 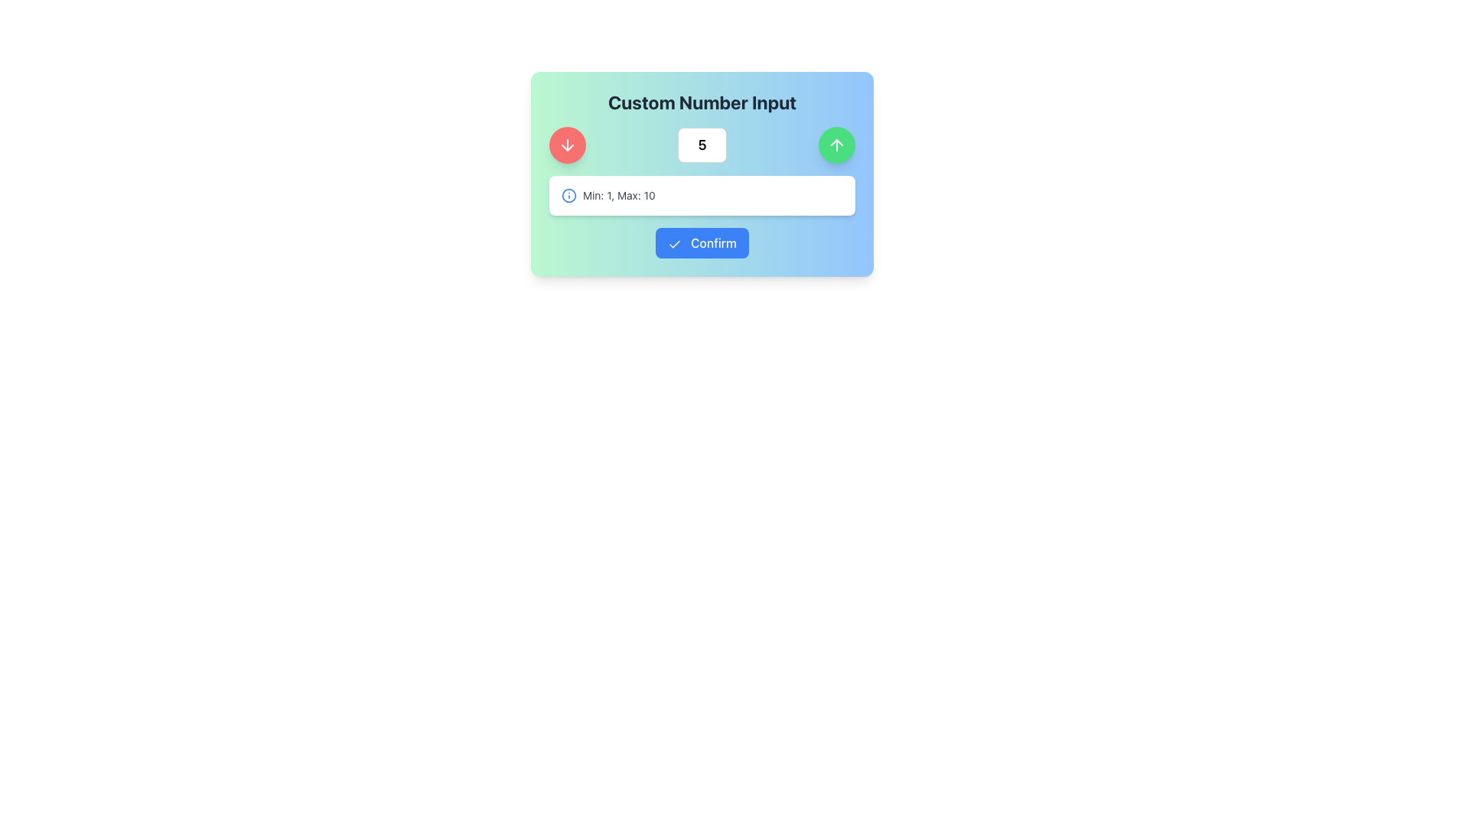 What do you see at coordinates (701, 242) in the screenshot?
I see `the confirmation button located at the center of the bounding box` at bounding box center [701, 242].